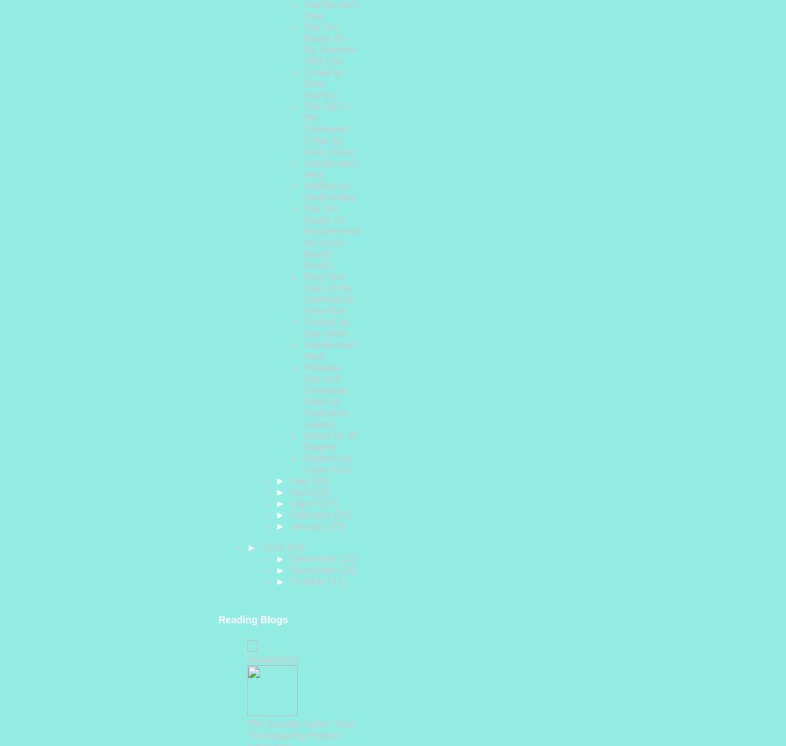 The height and width of the screenshot is (746, 786). I want to click on 'Reading Blogs', so click(252, 618).